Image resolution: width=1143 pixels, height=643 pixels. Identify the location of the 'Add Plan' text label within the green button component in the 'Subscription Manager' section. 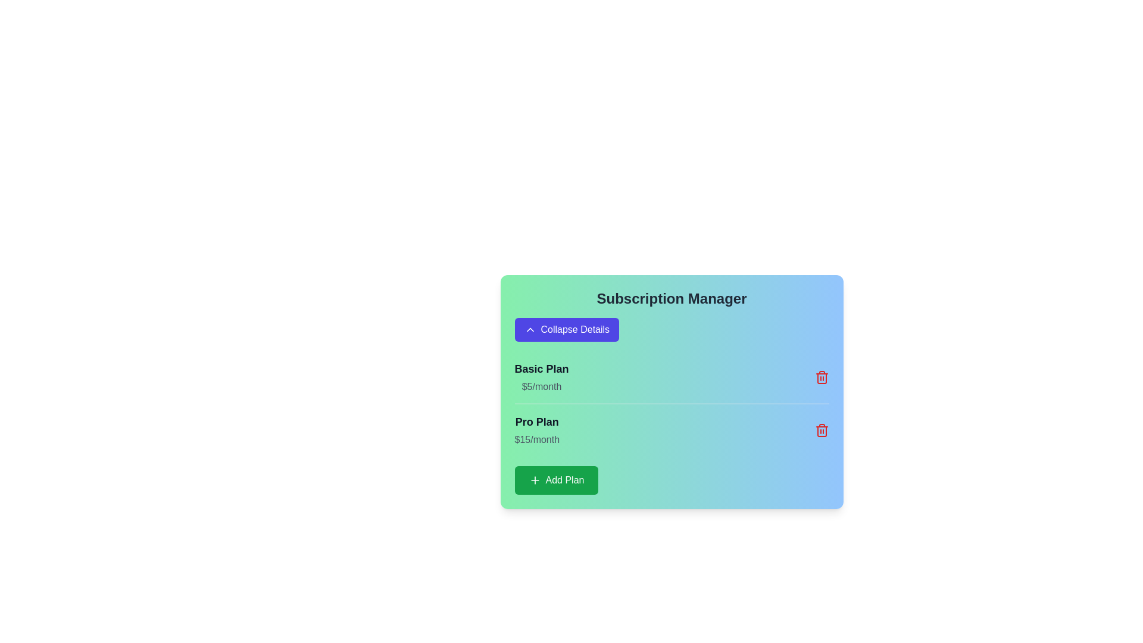
(564, 479).